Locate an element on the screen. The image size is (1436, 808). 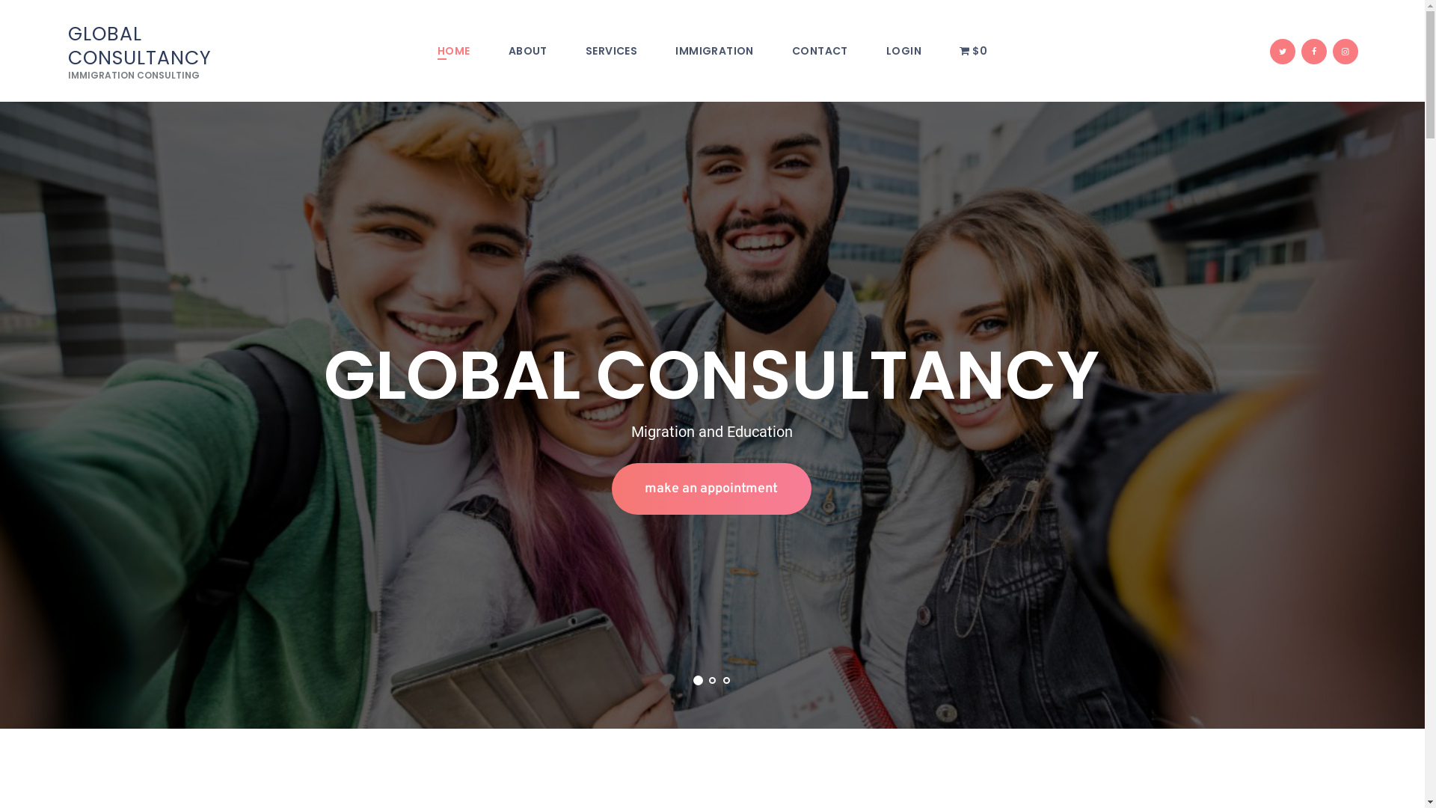
'IMMIGRATION' is located at coordinates (714, 51).